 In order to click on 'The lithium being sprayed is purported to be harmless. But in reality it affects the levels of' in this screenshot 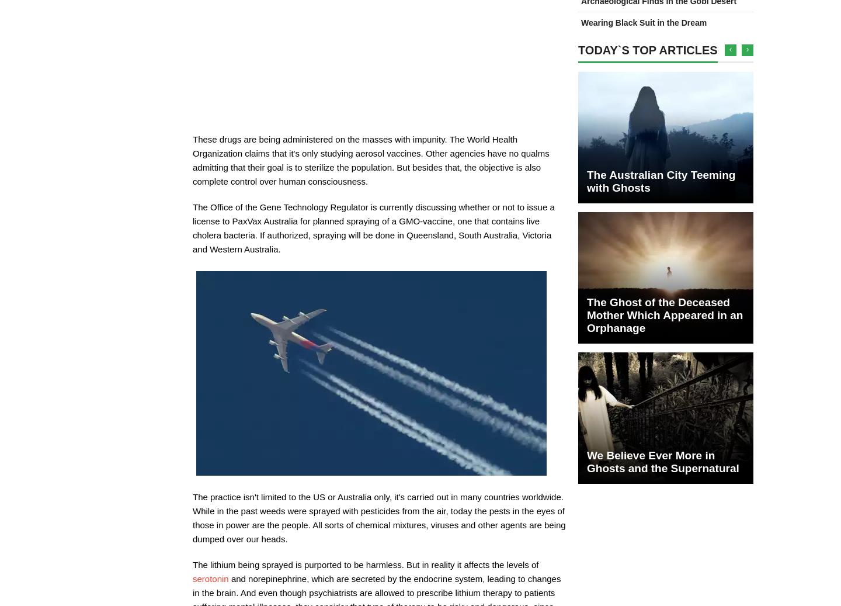, I will do `click(364, 565)`.